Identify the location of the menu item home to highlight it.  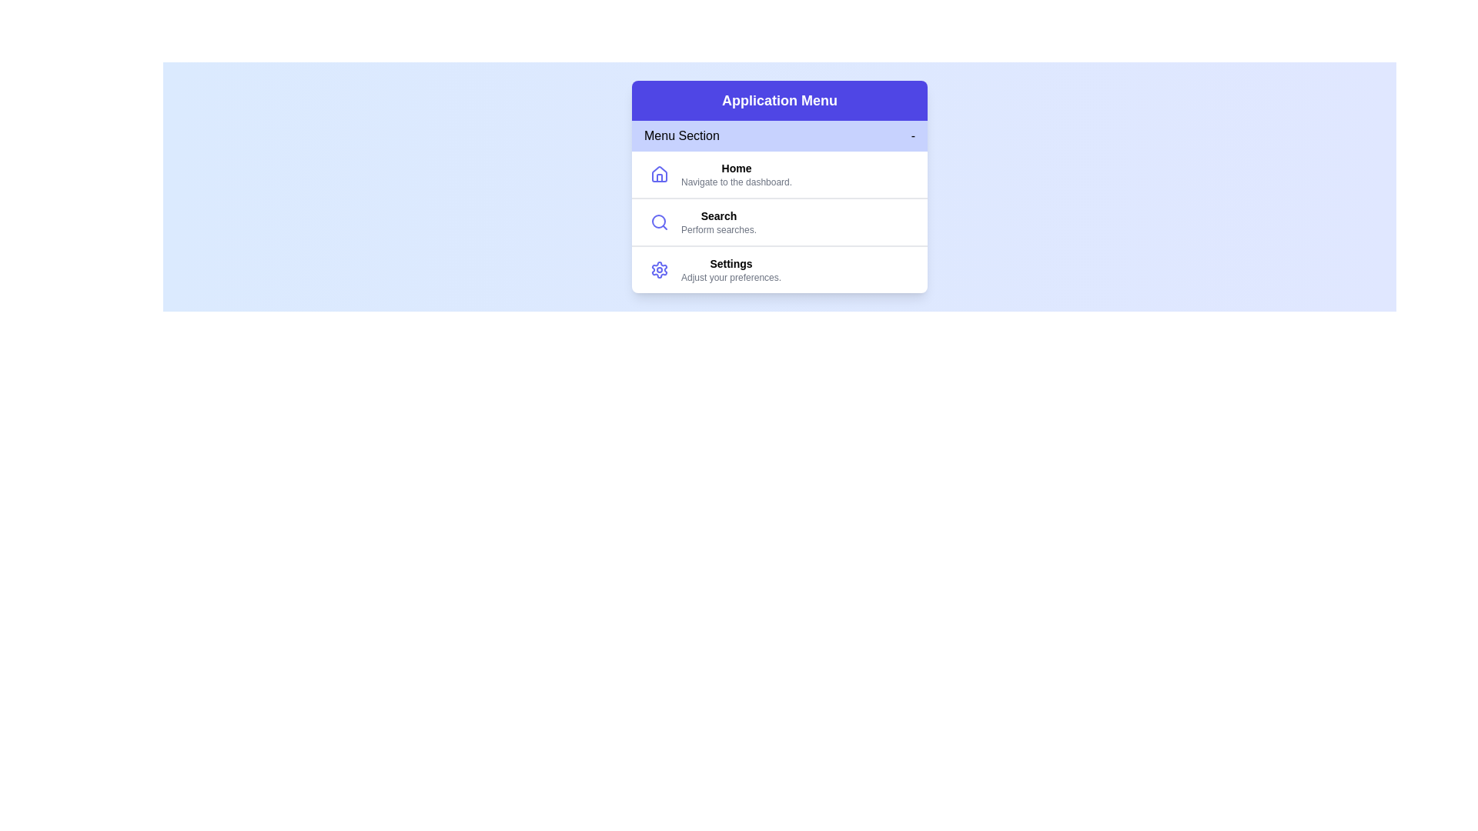
(779, 174).